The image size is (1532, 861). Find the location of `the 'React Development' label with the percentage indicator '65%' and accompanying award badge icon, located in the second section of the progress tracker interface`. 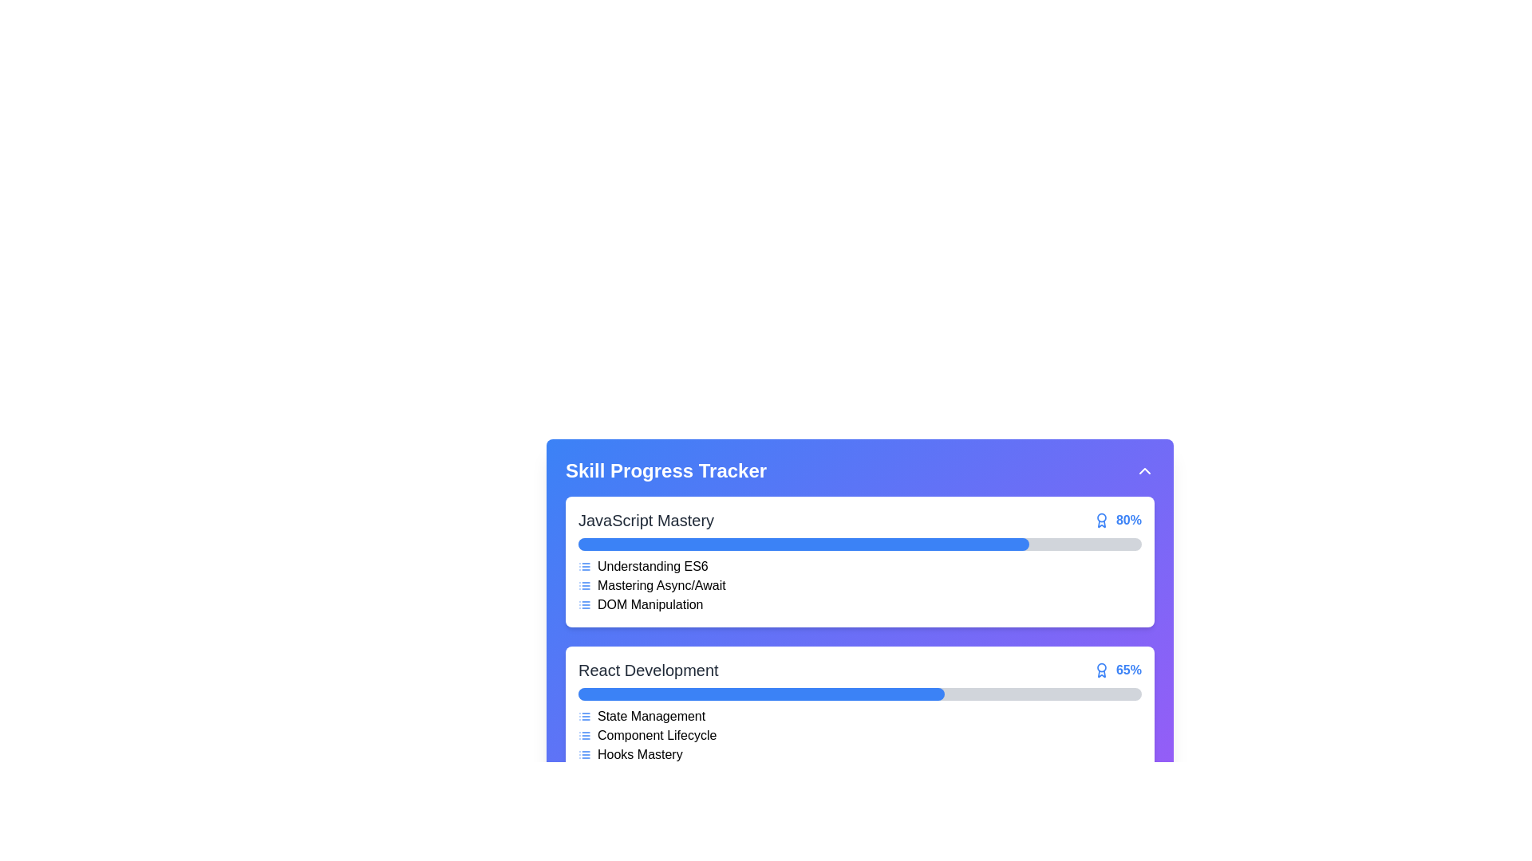

the 'React Development' label with the percentage indicator '65%' and accompanying award badge icon, located in the second section of the progress tracker interface is located at coordinates (859, 670).